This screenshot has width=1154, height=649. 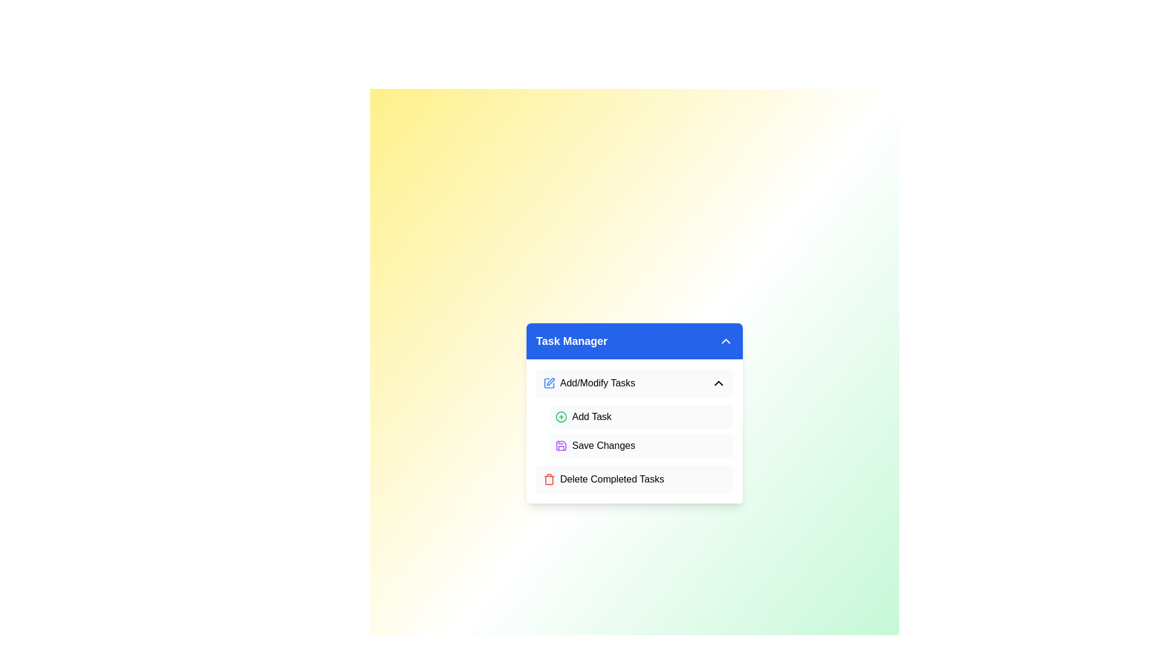 I want to click on the 'Add/Modify Tasks' text label in the Task Manager interface, so click(x=597, y=383).